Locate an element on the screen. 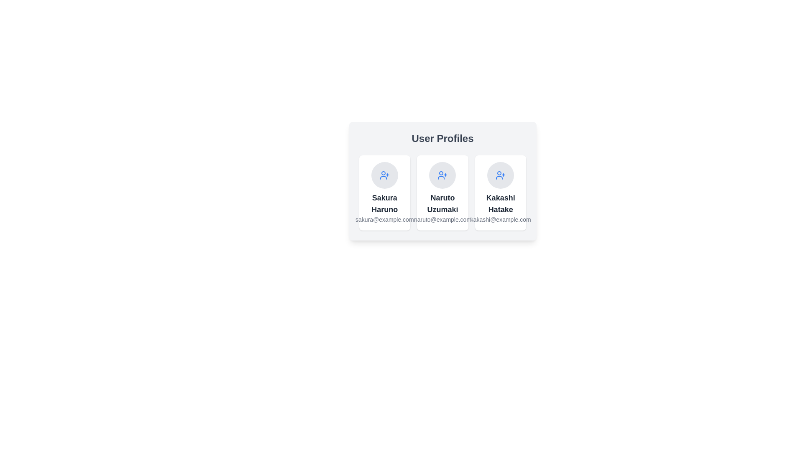 The height and width of the screenshot is (451, 803). the Avatar icon with action indicator for Naruto Uzumaki, which is a circular component with a light gray background and a blue 'add user' icon at its center is located at coordinates (442, 175).